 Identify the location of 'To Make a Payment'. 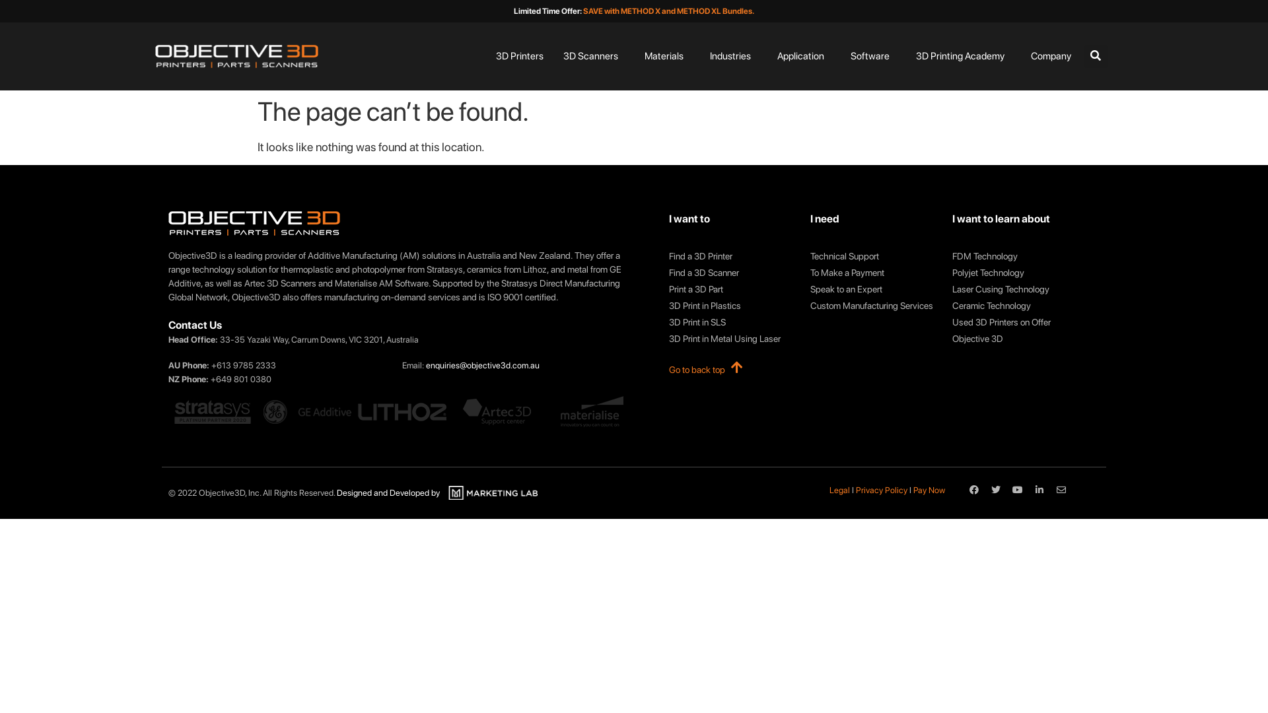
(874, 272).